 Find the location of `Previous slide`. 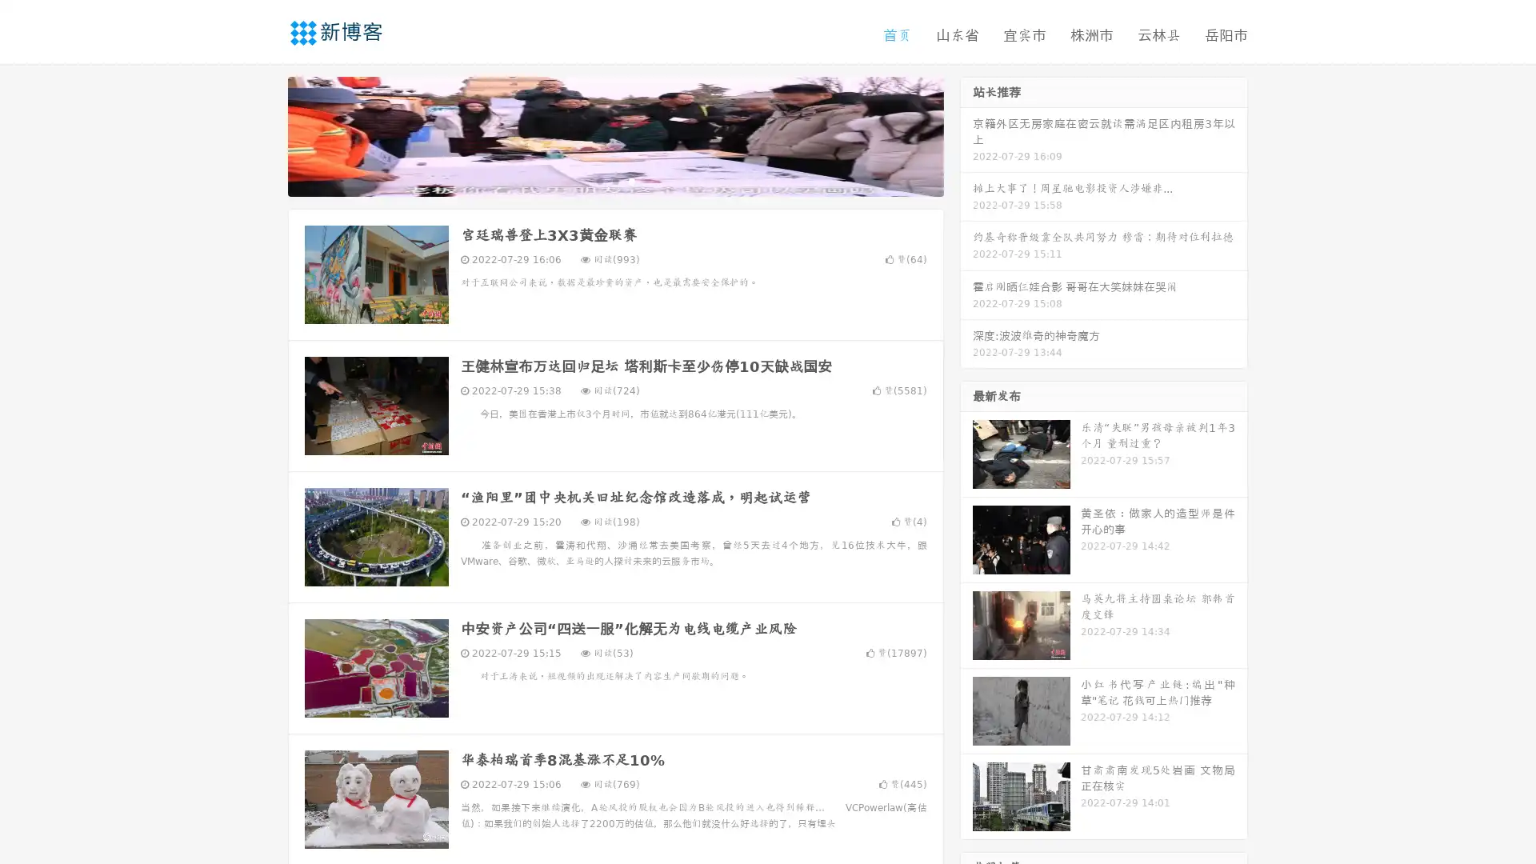

Previous slide is located at coordinates (264, 134).